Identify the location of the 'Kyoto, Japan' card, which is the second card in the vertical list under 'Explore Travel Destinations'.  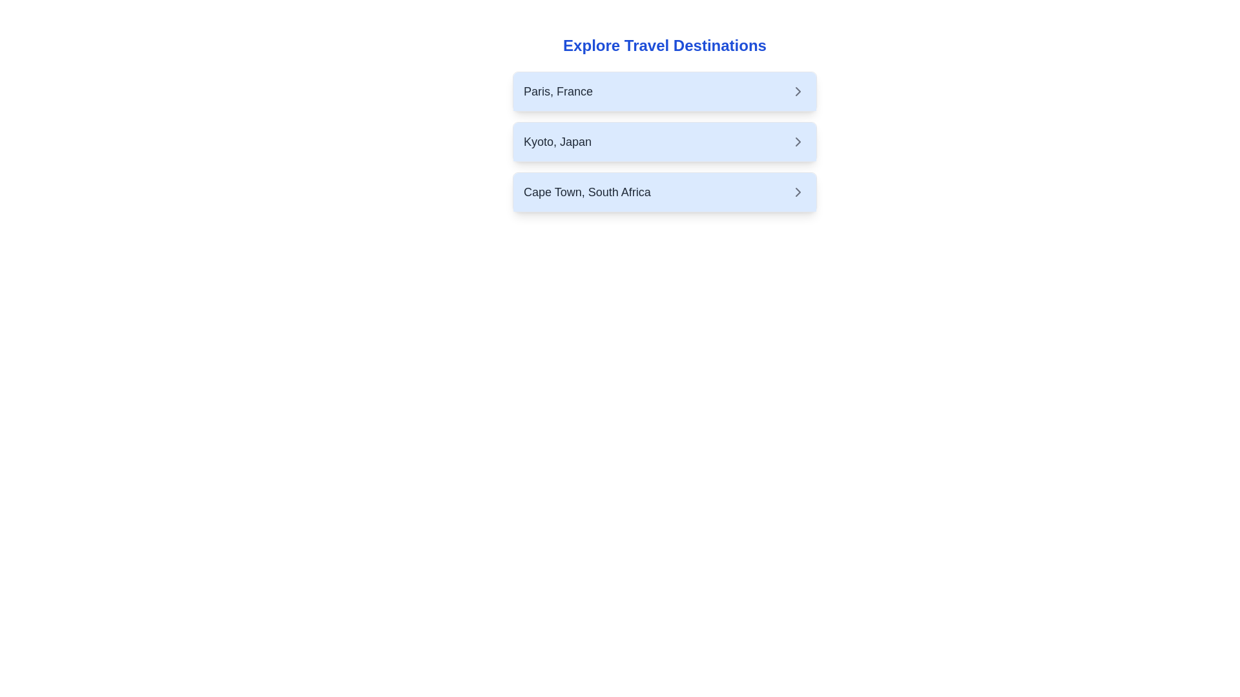
(665, 141).